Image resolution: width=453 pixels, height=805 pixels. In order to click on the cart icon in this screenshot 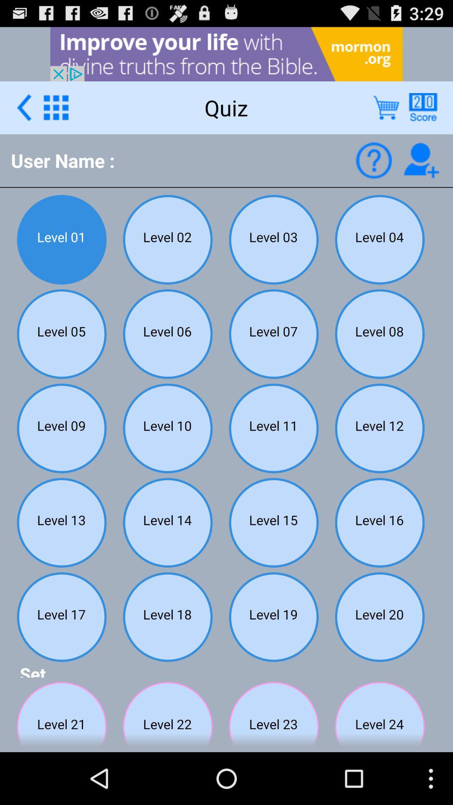, I will do `click(386, 114)`.